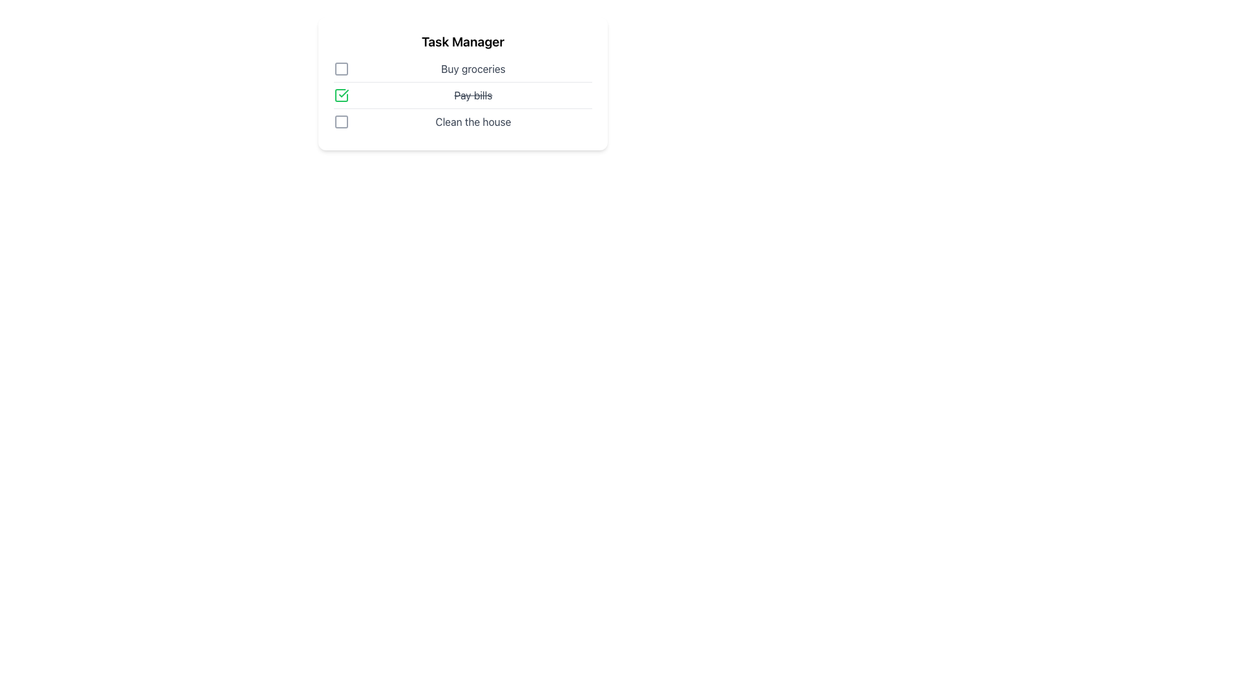  What do you see at coordinates (341, 69) in the screenshot?
I see `the interactive button located to the left of the 'Buy groceries' text in the vertical task list` at bounding box center [341, 69].